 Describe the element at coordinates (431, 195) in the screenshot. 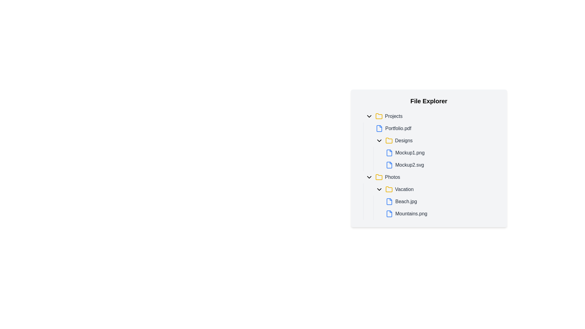

I see `the Structure element displaying folder contents that shows files like 'Beach.jpg' and 'Mountains.png' in the 'Photos' section of the file explorer` at that location.